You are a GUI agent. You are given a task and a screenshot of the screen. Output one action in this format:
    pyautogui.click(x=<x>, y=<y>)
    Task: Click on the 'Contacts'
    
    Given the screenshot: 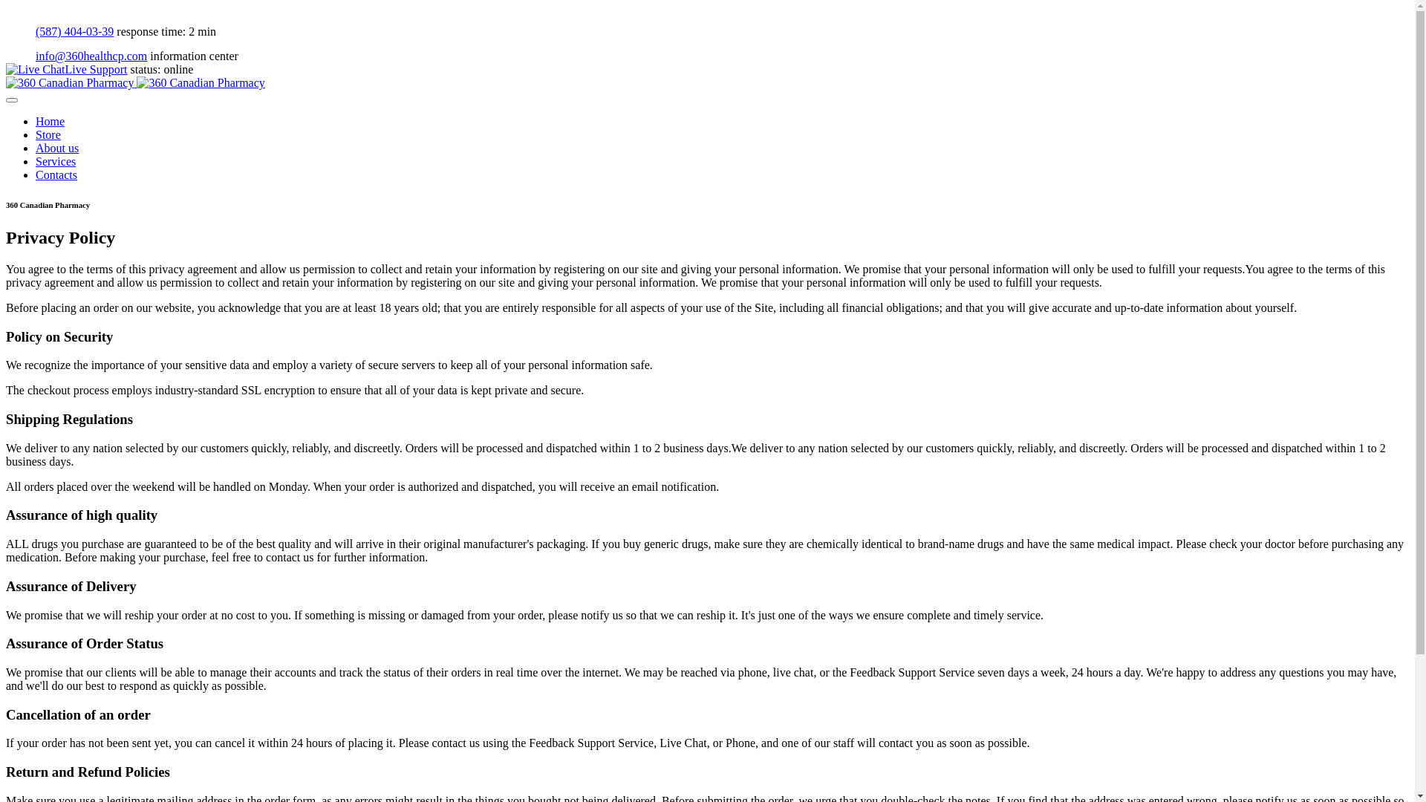 What is the action you would take?
    pyautogui.click(x=56, y=174)
    